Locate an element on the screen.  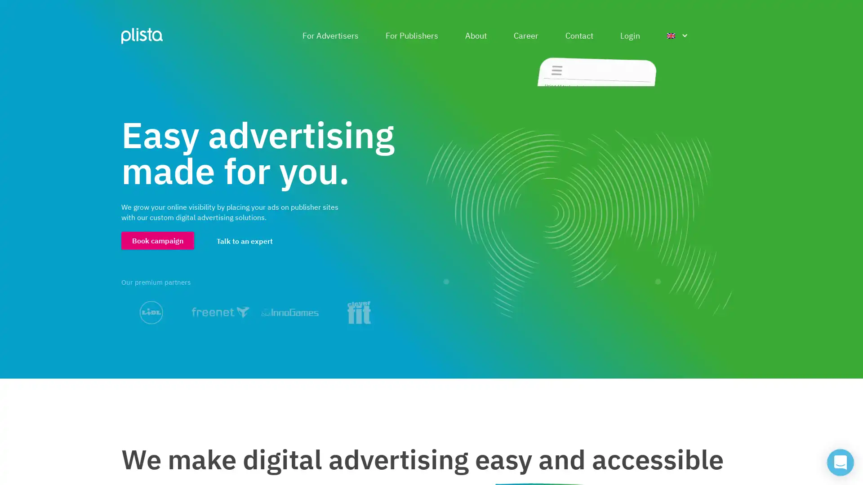
Book campaign is located at coordinates (157, 240).